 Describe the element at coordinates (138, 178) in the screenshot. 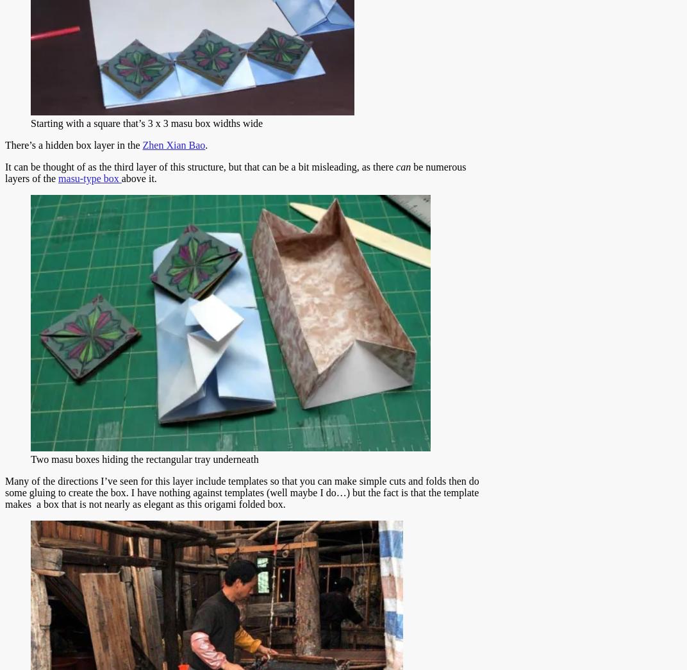

I see `'above it.'` at that location.